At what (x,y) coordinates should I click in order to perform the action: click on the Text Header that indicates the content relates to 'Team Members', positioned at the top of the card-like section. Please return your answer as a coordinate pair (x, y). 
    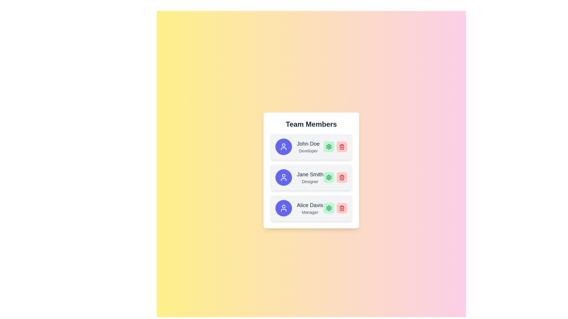
    Looking at the image, I should click on (311, 124).